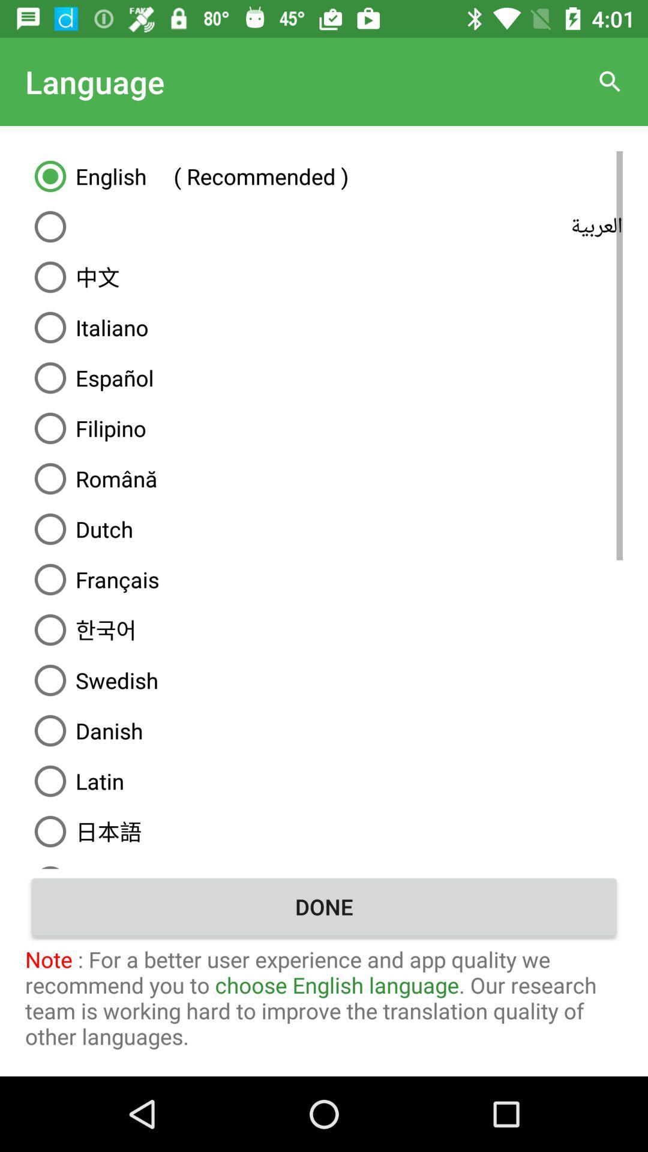  I want to click on icon at the top right corner, so click(610, 81).